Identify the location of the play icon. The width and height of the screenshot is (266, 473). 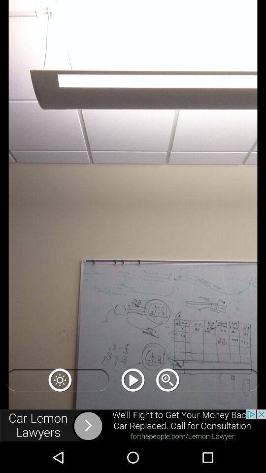
(133, 379).